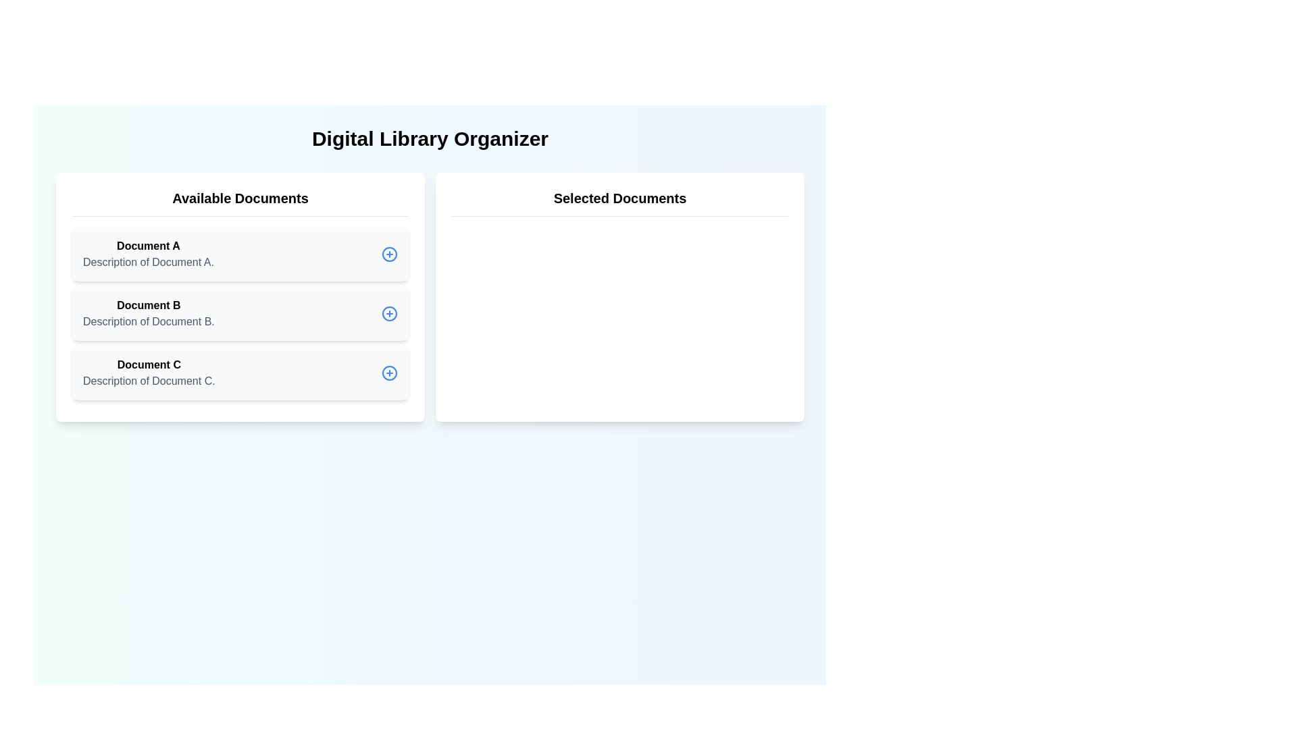 The image size is (1297, 729). Describe the element at coordinates (388, 314) in the screenshot. I see `the outer circle of the interactive plus icon next to 'Document B' in the 'Available Documents' list of the 'Digital Library Organizer' application` at that location.